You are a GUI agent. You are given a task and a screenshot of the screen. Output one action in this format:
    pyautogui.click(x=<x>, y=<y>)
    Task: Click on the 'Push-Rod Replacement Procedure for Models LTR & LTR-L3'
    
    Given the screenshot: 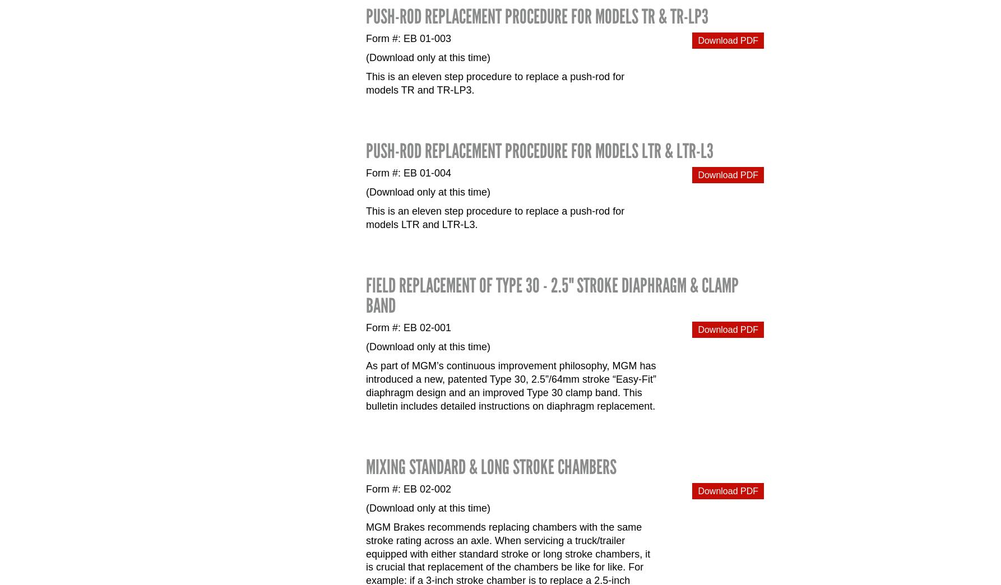 What is the action you would take?
    pyautogui.click(x=365, y=150)
    